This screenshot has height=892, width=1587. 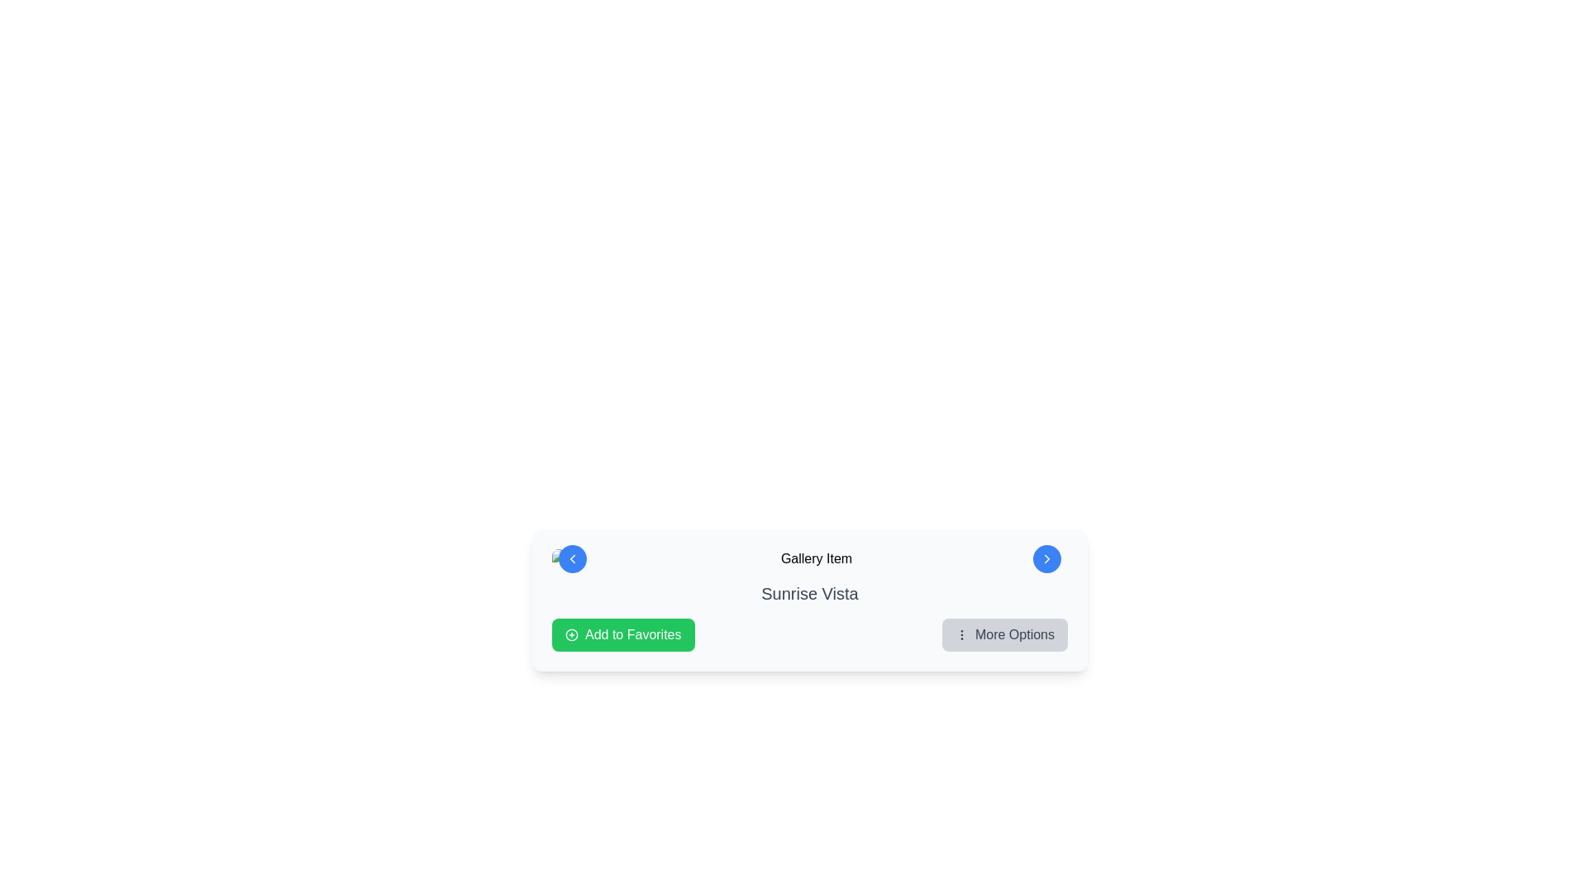 I want to click on the small left-pointing chevron icon located on the upper-left side of the circular blue button, so click(x=572, y=558).